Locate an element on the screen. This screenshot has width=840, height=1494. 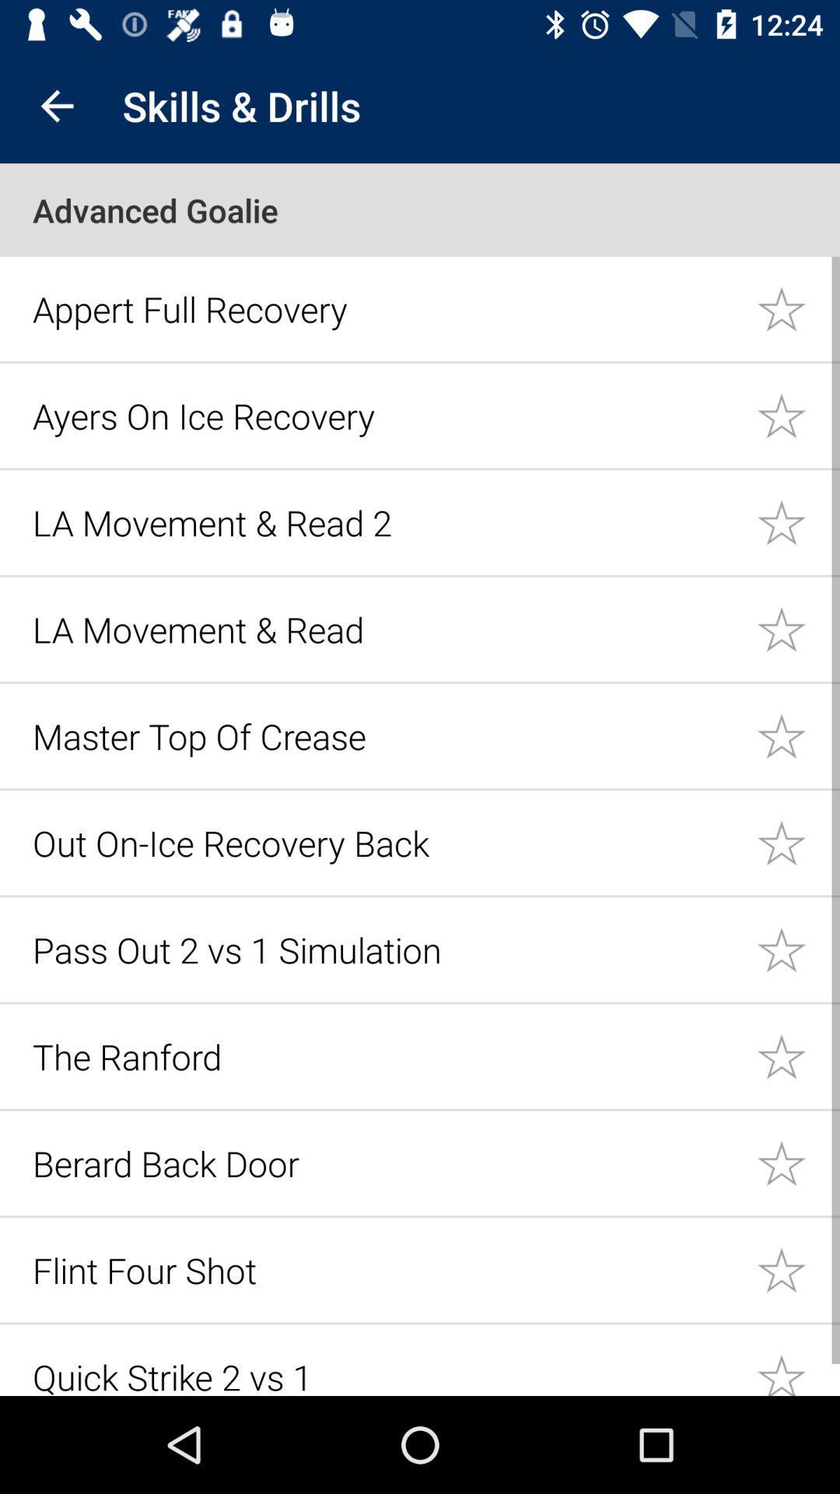
favorite this page is located at coordinates (798, 522).